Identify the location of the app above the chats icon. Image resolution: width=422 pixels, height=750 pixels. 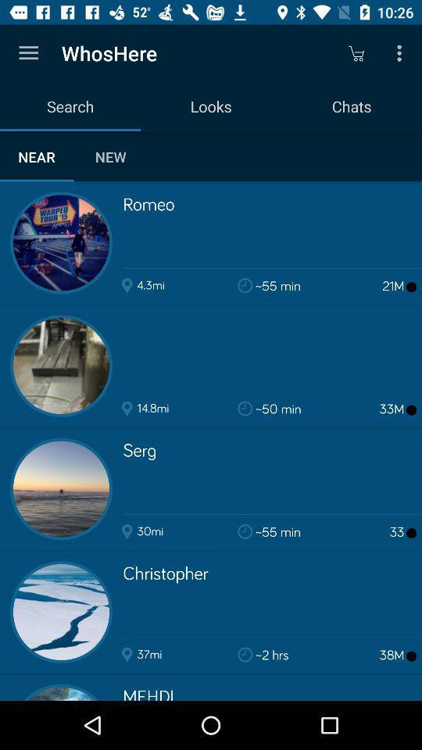
(401, 53).